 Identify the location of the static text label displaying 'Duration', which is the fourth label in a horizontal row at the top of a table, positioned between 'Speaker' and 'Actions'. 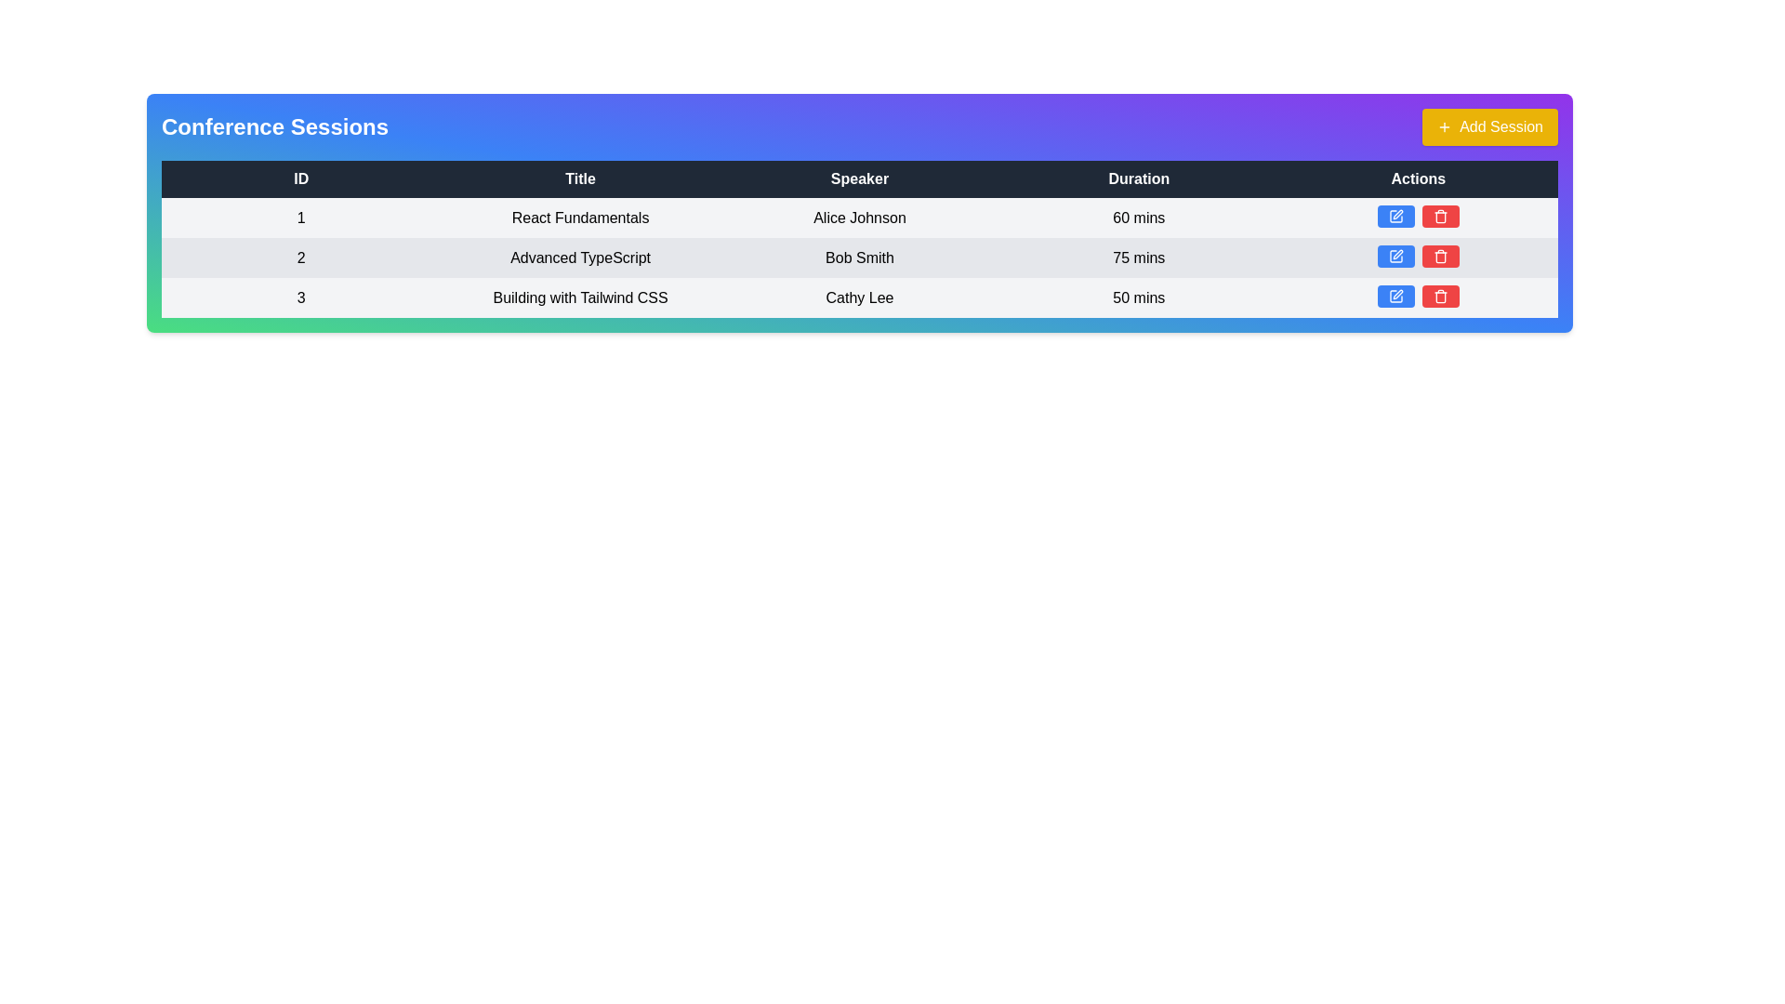
(1138, 178).